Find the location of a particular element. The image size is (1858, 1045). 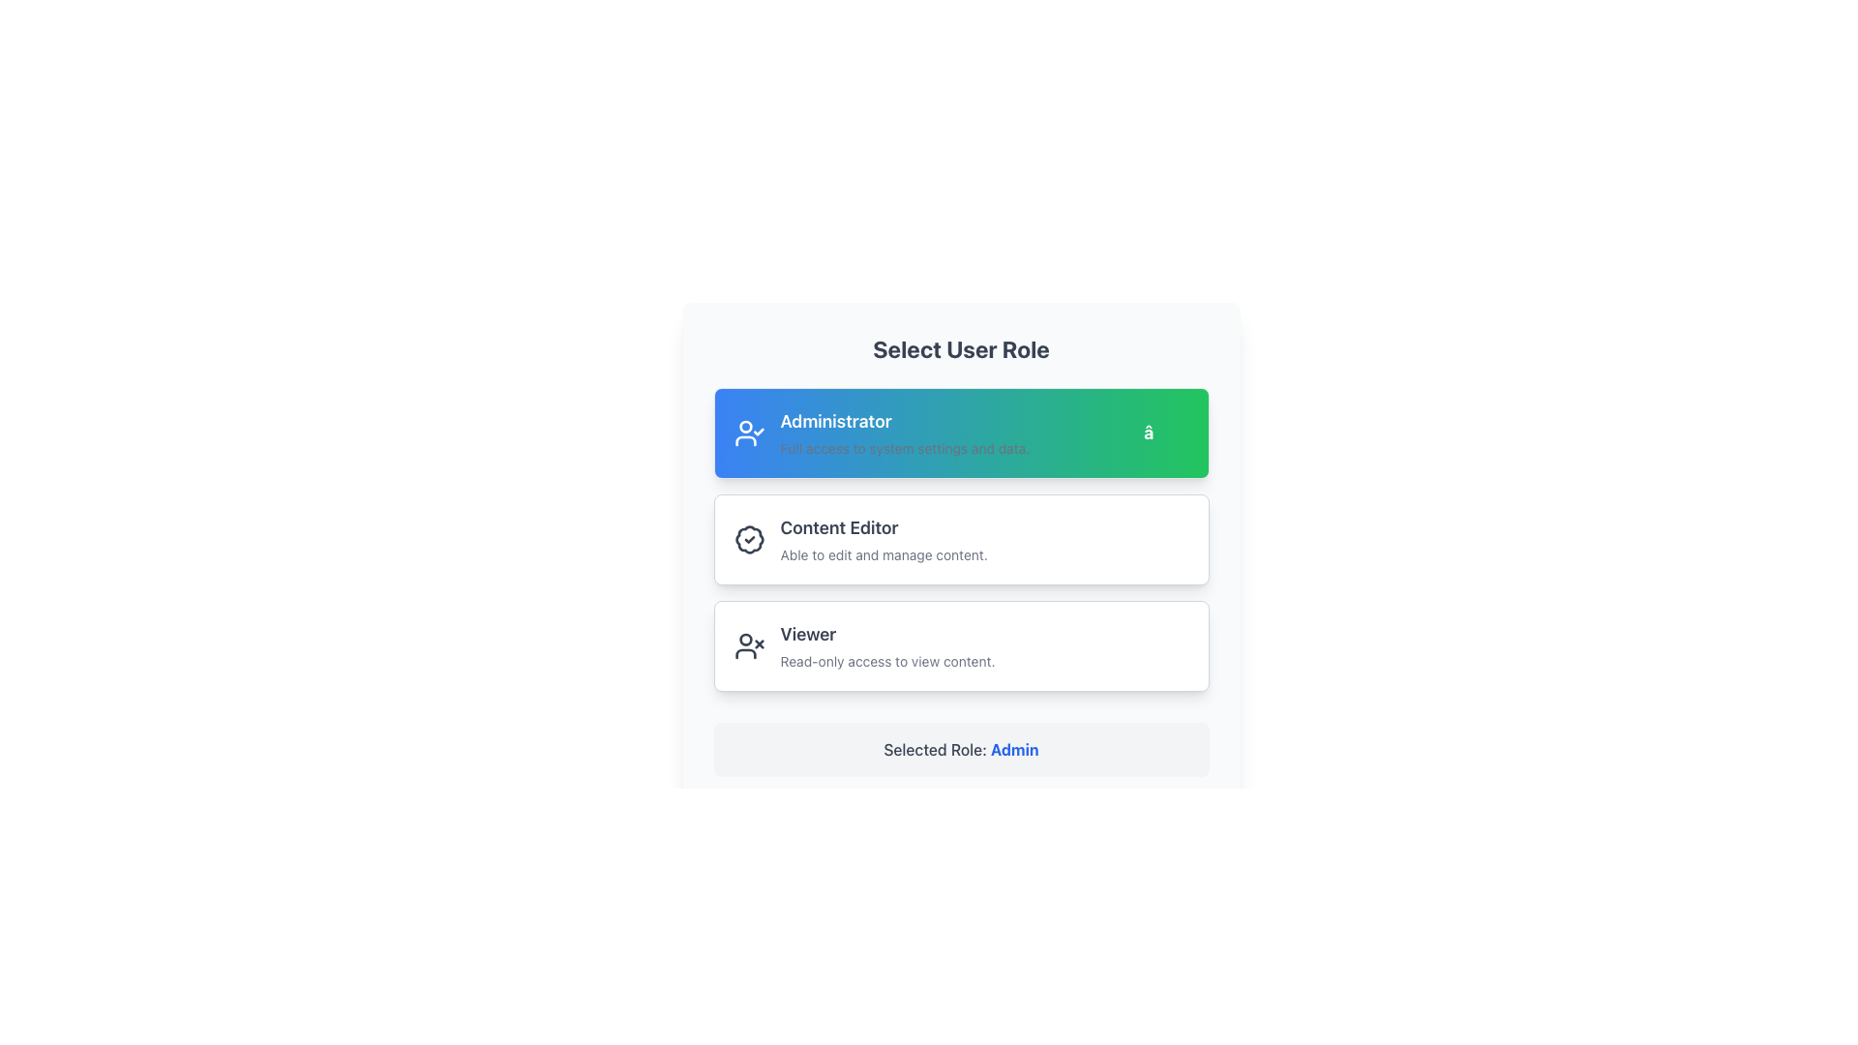

the SVG icon styled as a badge with a checkmark inside, located in the 'Content Editor' section is located at coordinates (748, 540).